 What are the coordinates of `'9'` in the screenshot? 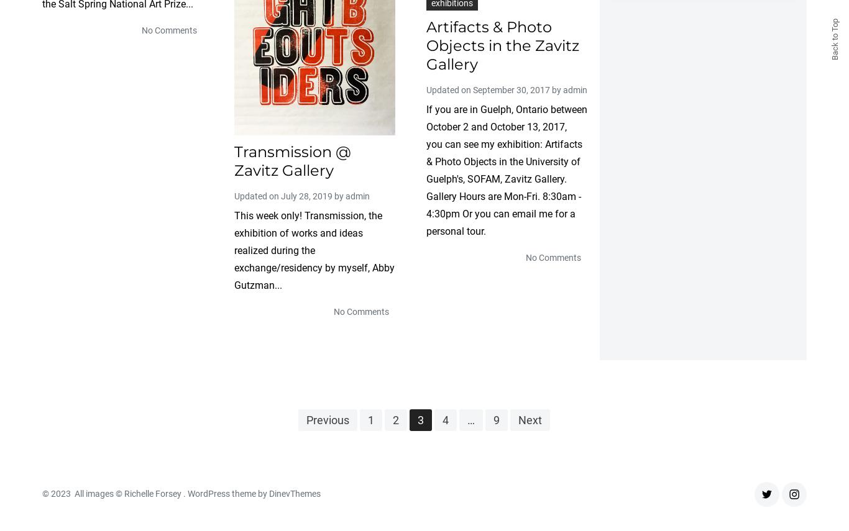 It's located at (495, 419).